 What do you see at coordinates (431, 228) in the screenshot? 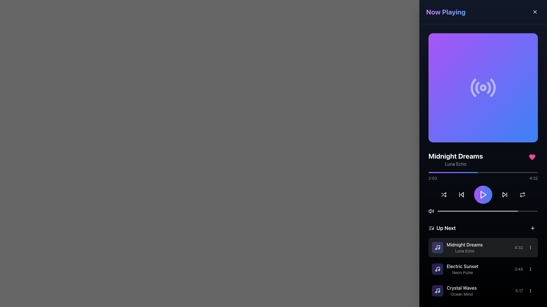
I see `the music icon located to the left of the text 'Up Next', which is styled as a minimalist grayish vector graphic within a 24x24px square` at bounding box center [431, 228].